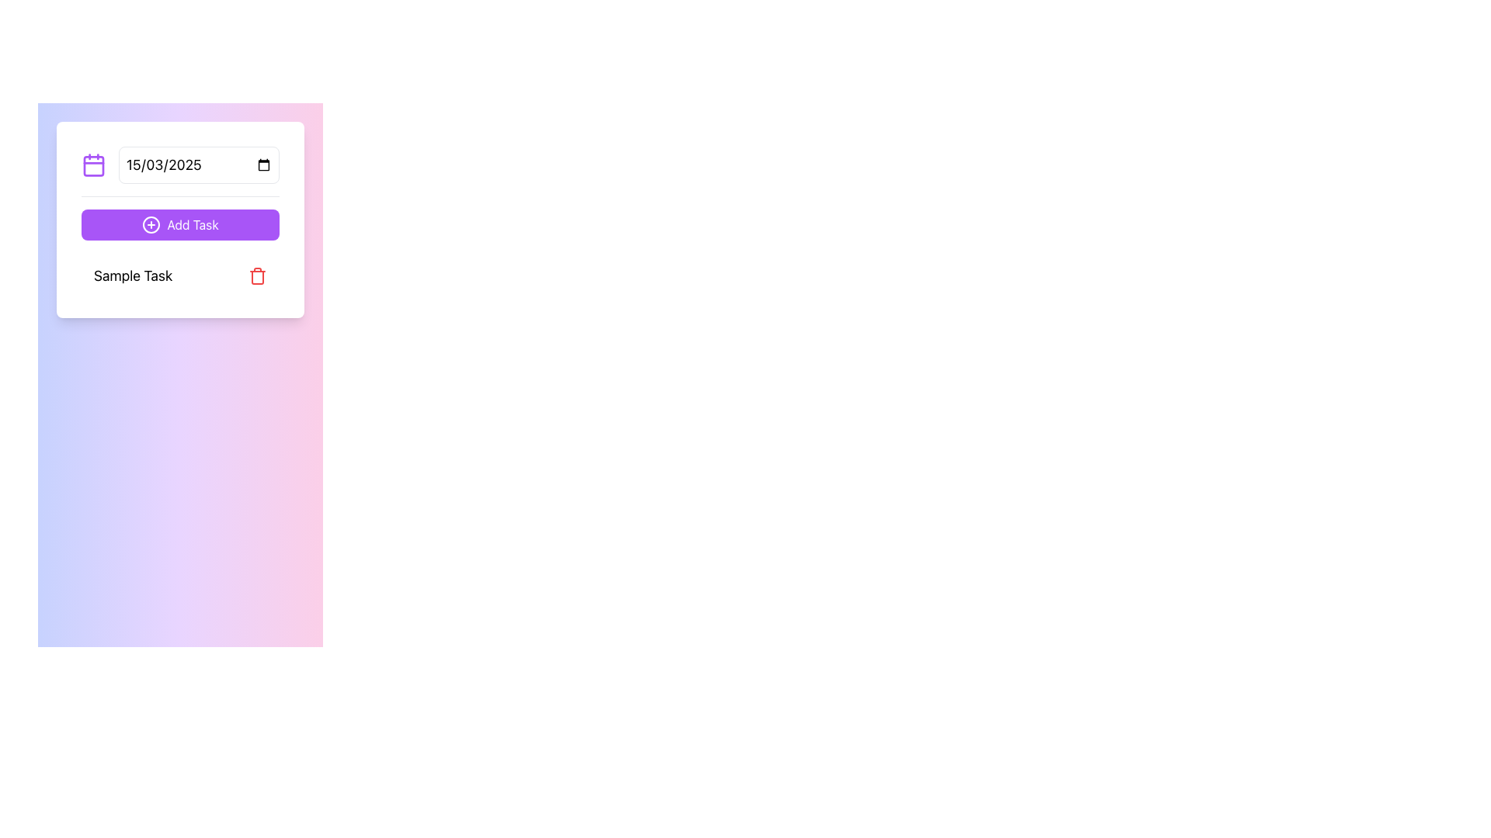  I want to click on the 'Add Task' button, which has a purple background and white text with a circular plus icon, to observe its hover effect, so click(180, 224).